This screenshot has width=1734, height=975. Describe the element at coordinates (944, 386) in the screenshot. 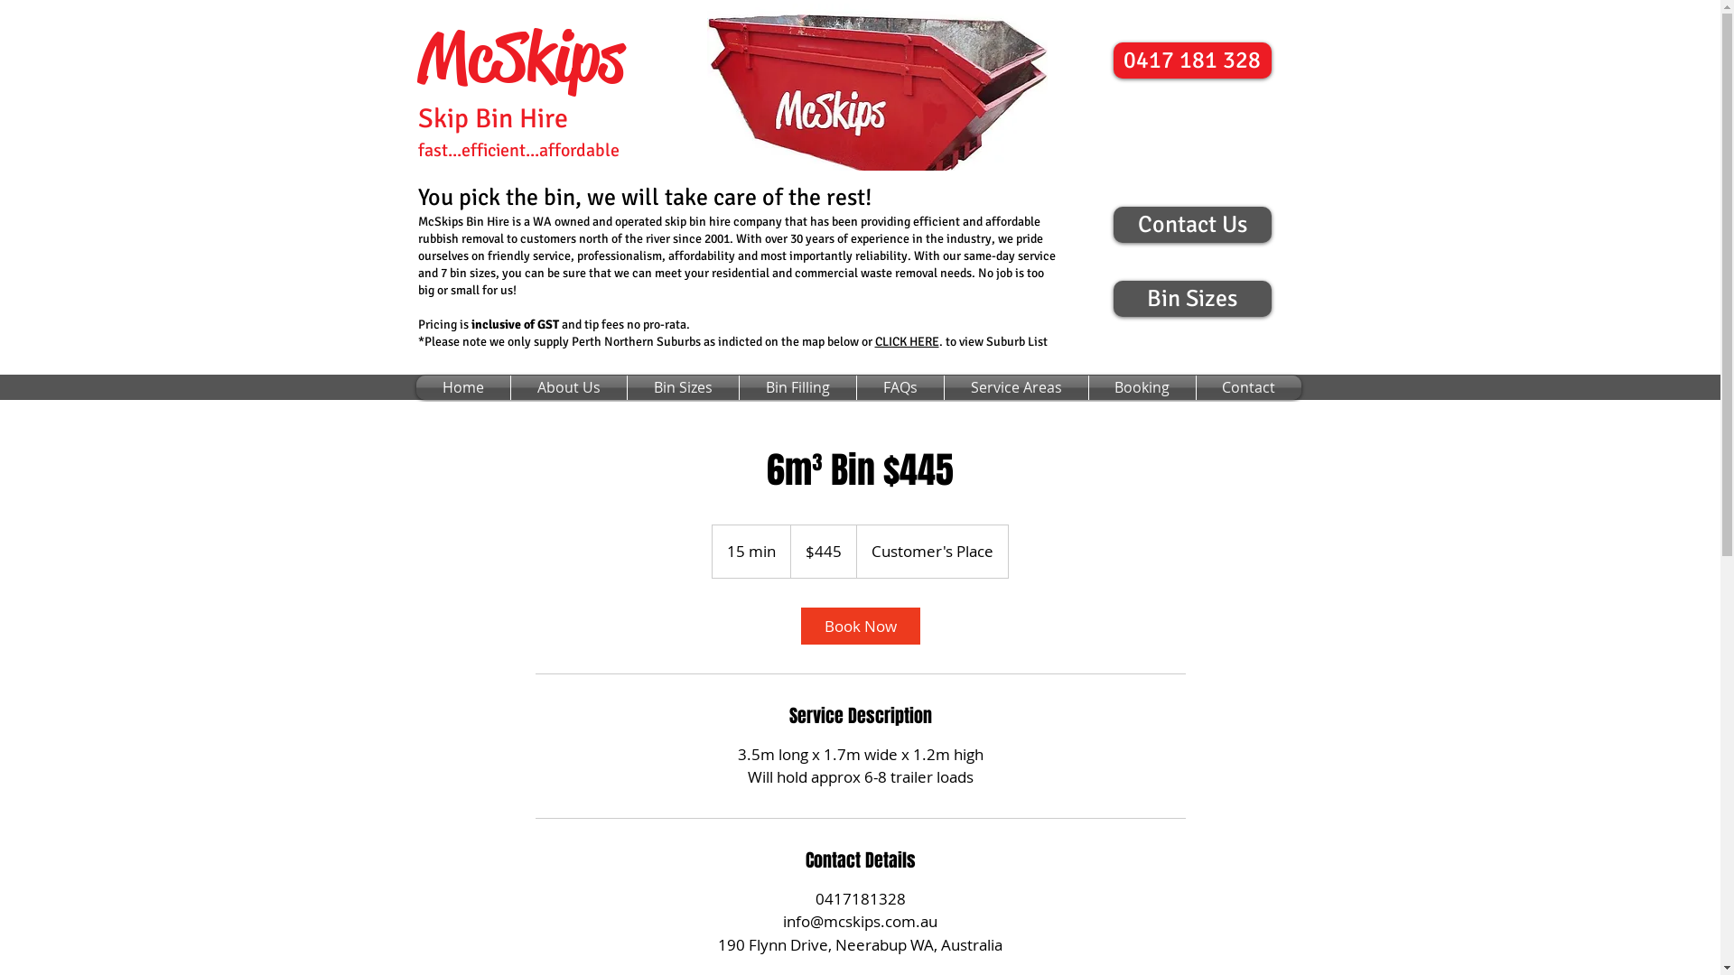

I see `'Service Areas'` at that location.